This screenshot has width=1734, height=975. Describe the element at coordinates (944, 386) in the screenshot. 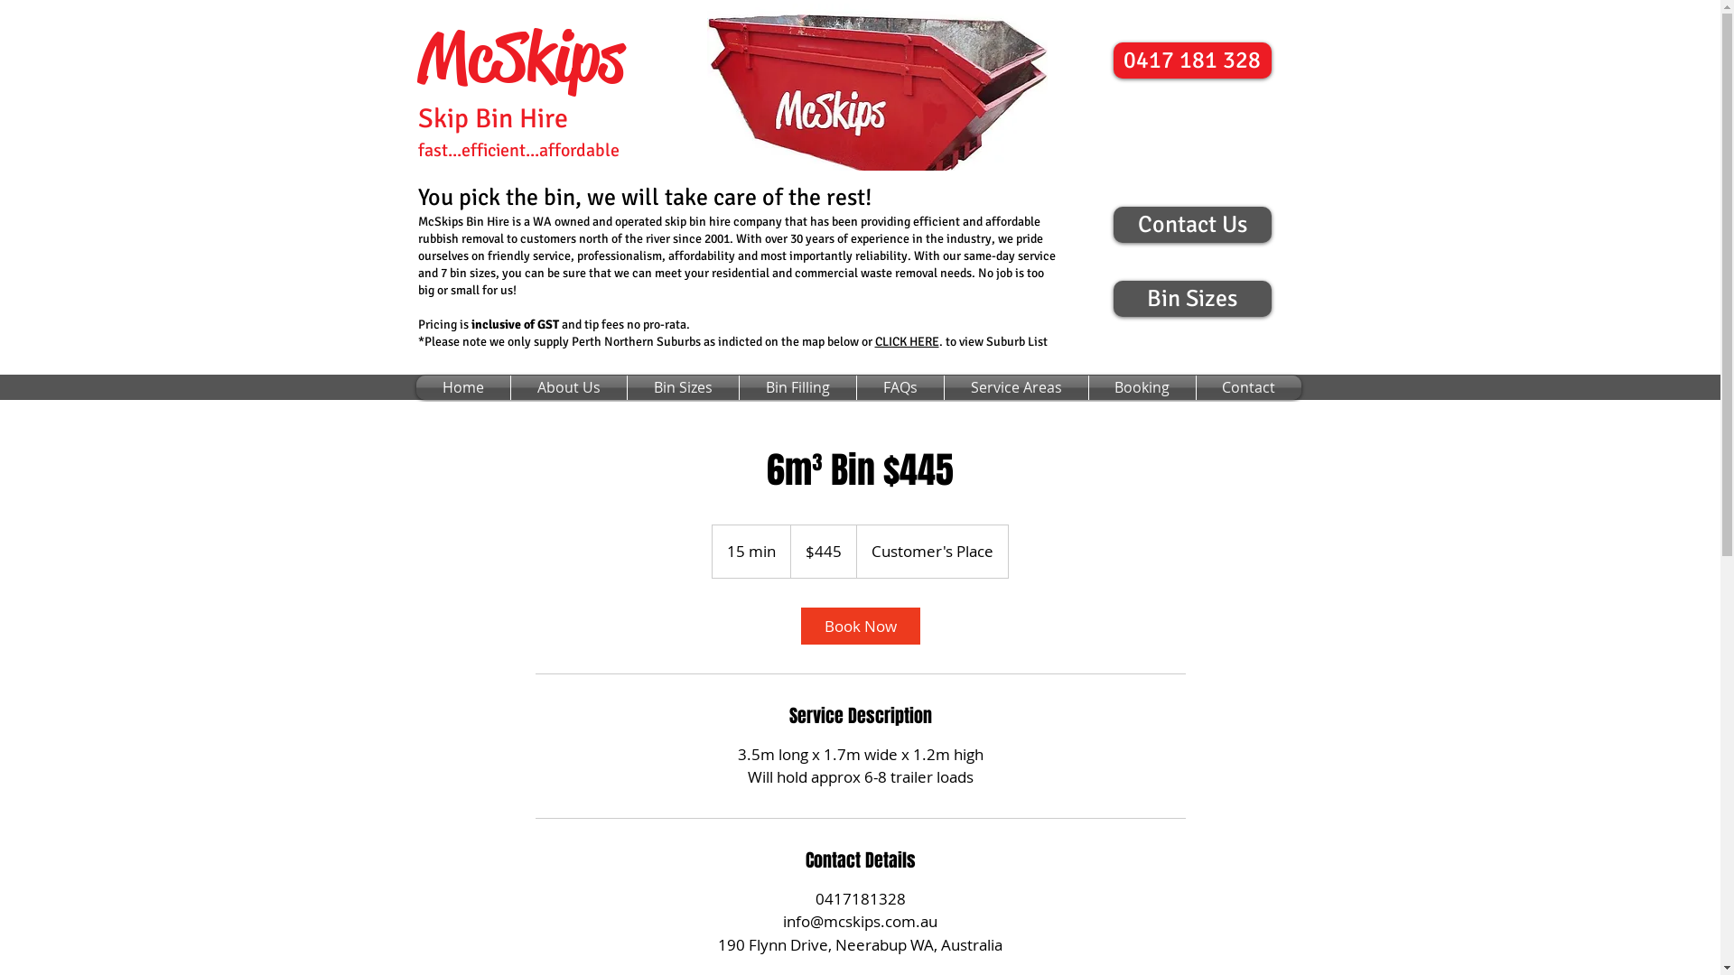

I see `'Service Areas'` at that location.